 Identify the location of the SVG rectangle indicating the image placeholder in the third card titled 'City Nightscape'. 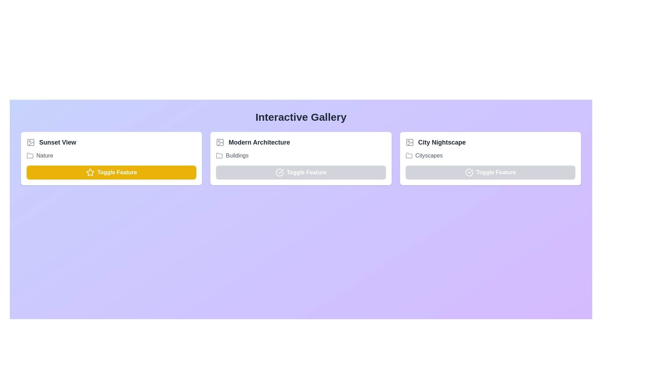
(409, 142).